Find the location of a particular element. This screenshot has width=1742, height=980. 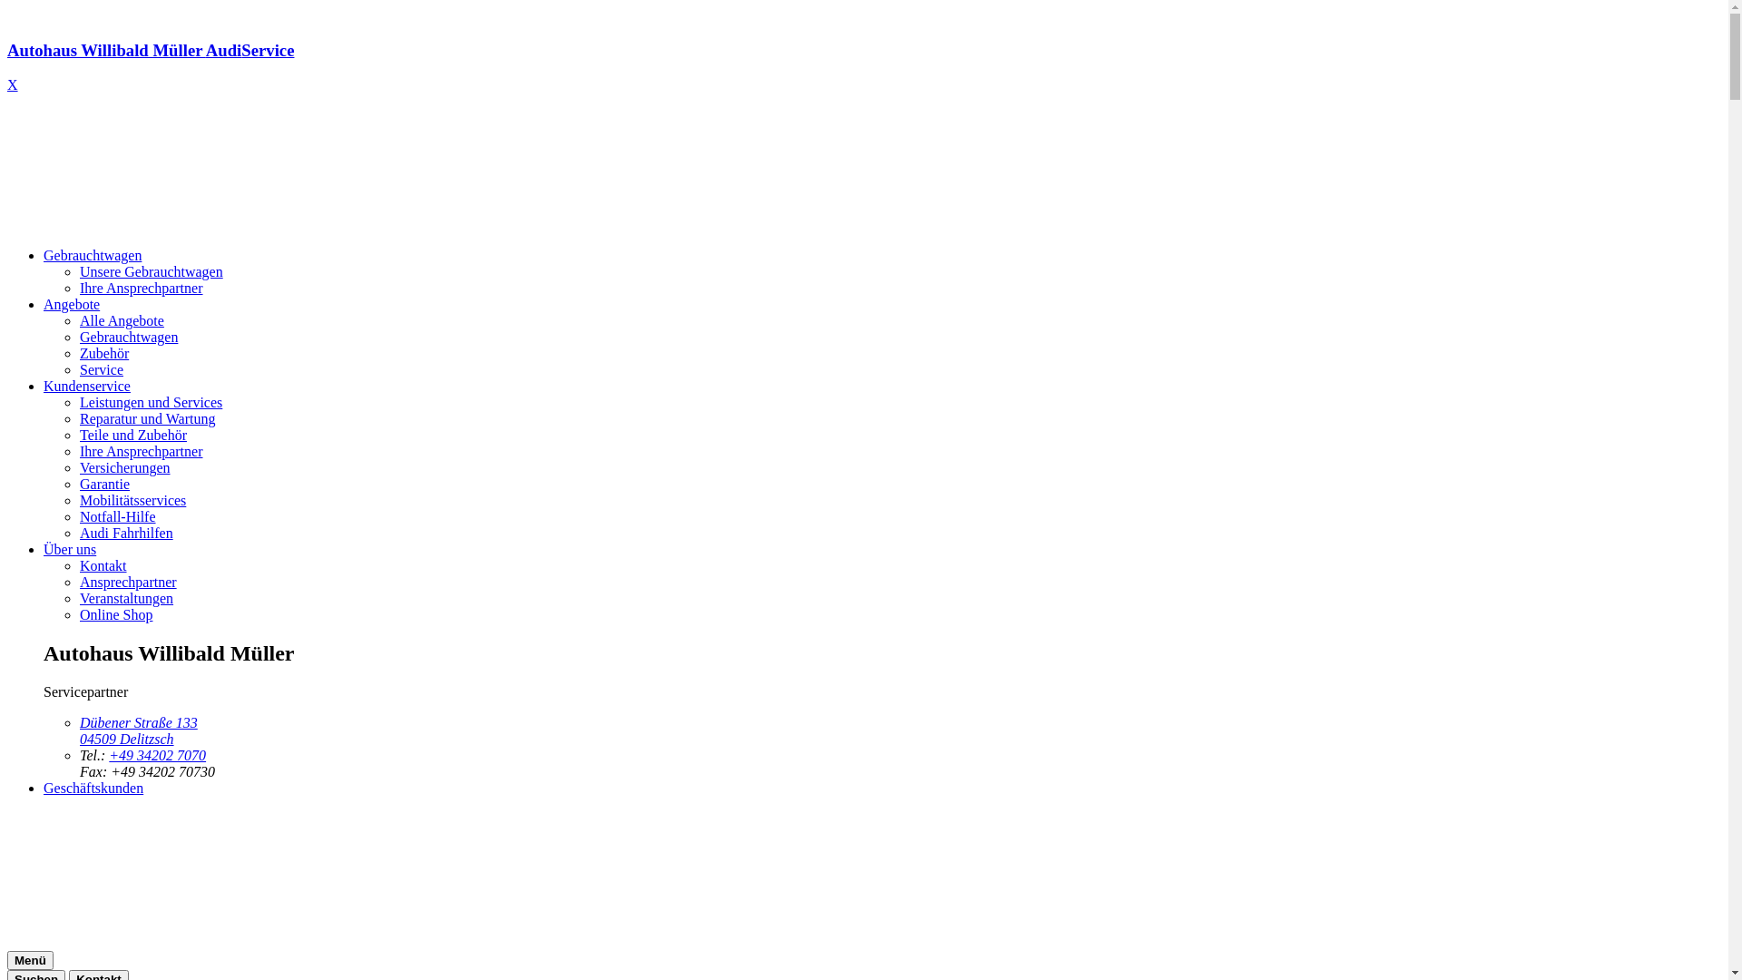

'Reparatur und Wartung' is located at coordinates (147, 418).